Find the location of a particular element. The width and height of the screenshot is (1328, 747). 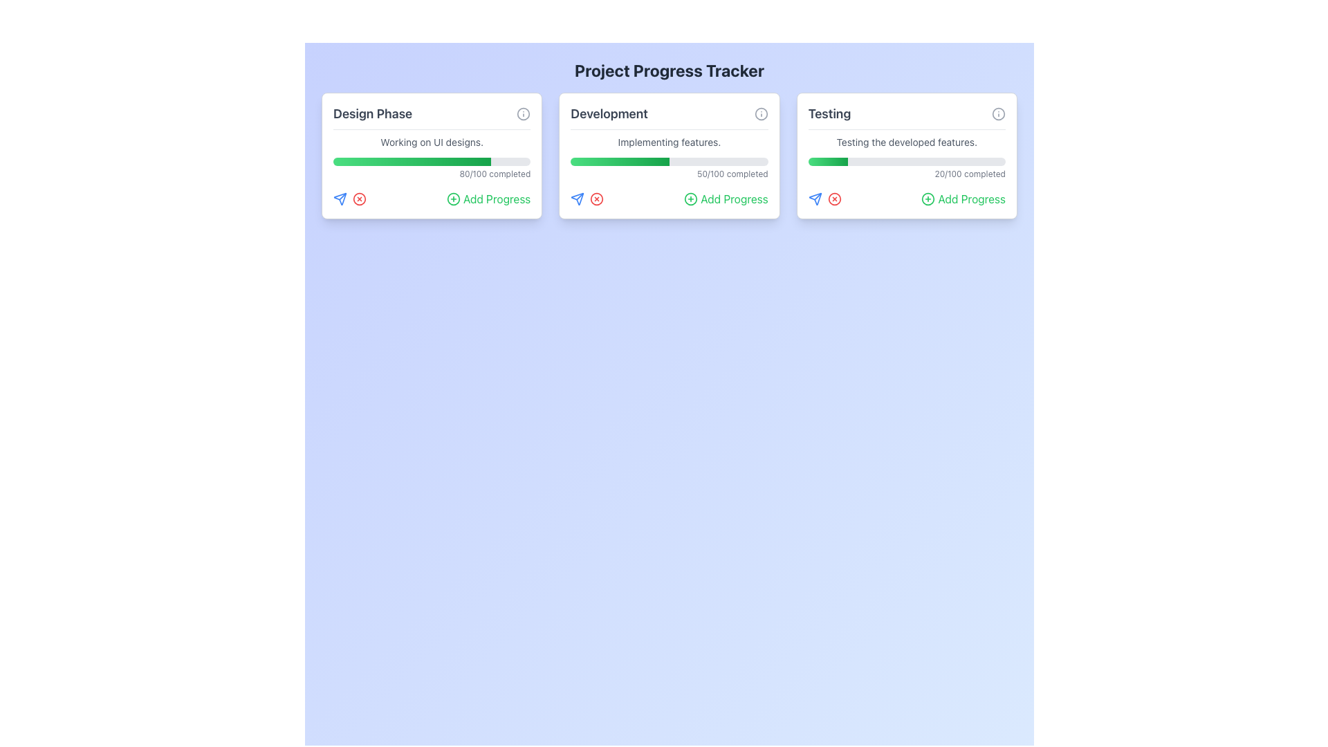

the red circular 'X' cancel button located within the 'Design Phase' card is located at coordinates (359, 199).